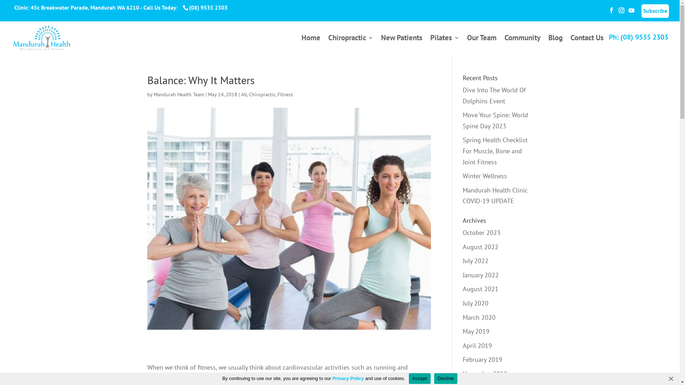 The width and height of the screenshot is (685, 385). What do you see at coordinates (482, 45) in the screenshot?
I see `'Our Team'` at bounding box center [482, 45].